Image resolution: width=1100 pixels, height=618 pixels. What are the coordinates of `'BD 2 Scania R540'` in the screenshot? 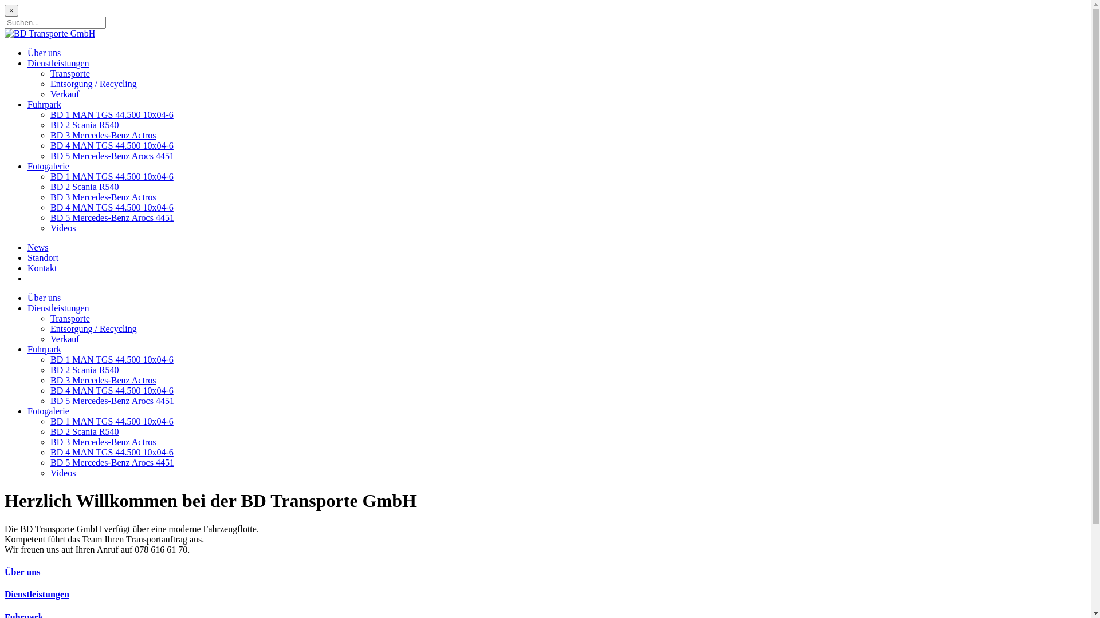 It's located at (84, 186).